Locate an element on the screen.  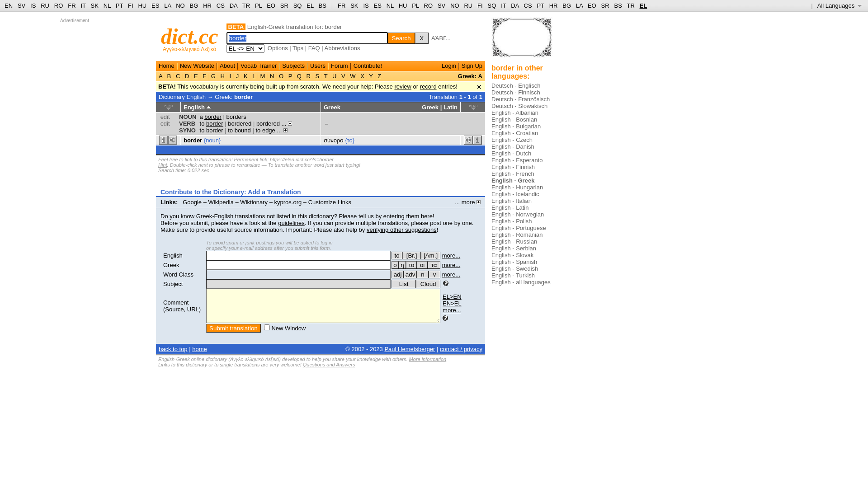
'E' is located at coordinates (195, 75).